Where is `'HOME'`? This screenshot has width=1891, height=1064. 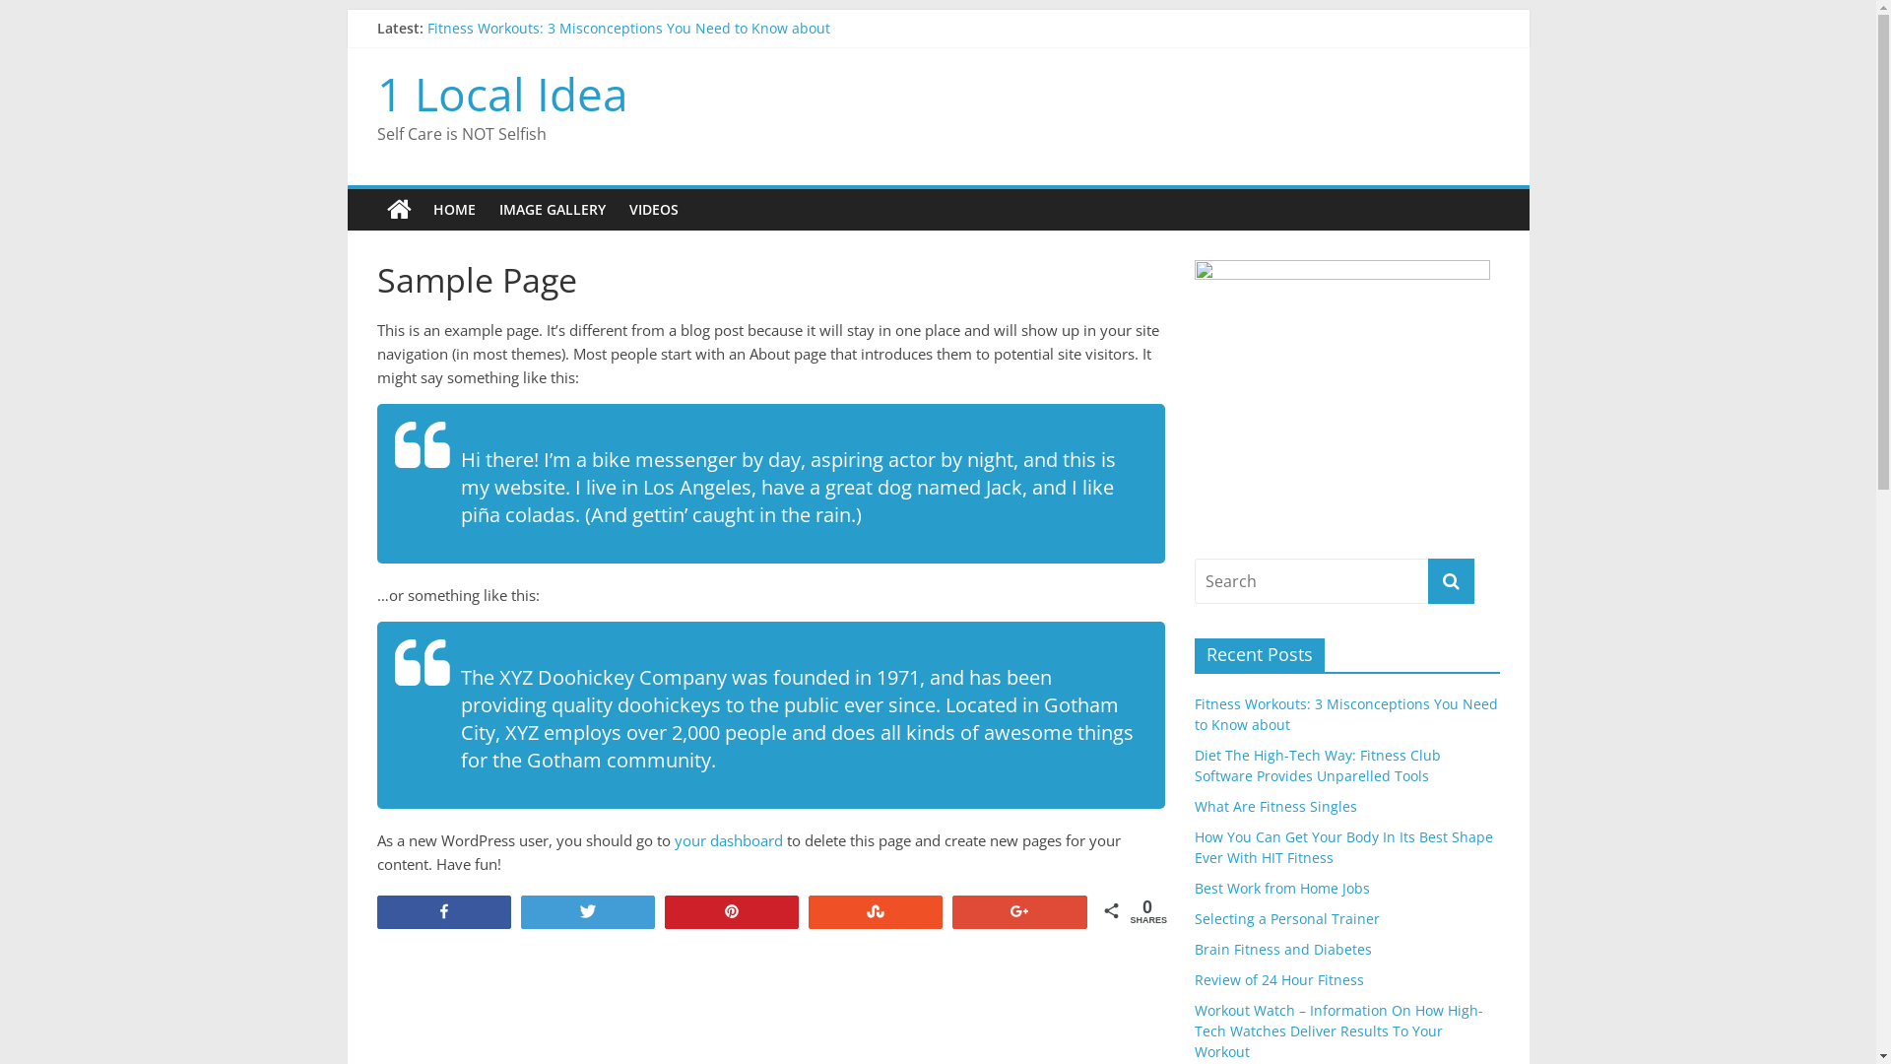 'HOME' is located at coordinates (420, 209).